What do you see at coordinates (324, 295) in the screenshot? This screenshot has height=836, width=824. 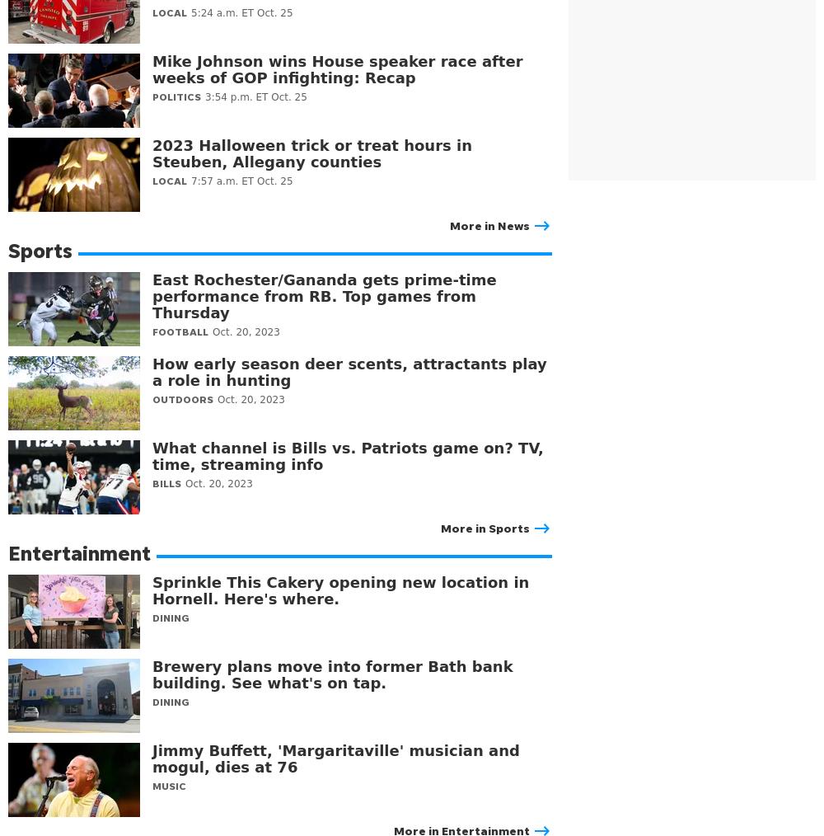 I see `'East Rochester/Gananda gets prime-time performance from RB. Top games from Thursday'` at bounding box center [324, 295].